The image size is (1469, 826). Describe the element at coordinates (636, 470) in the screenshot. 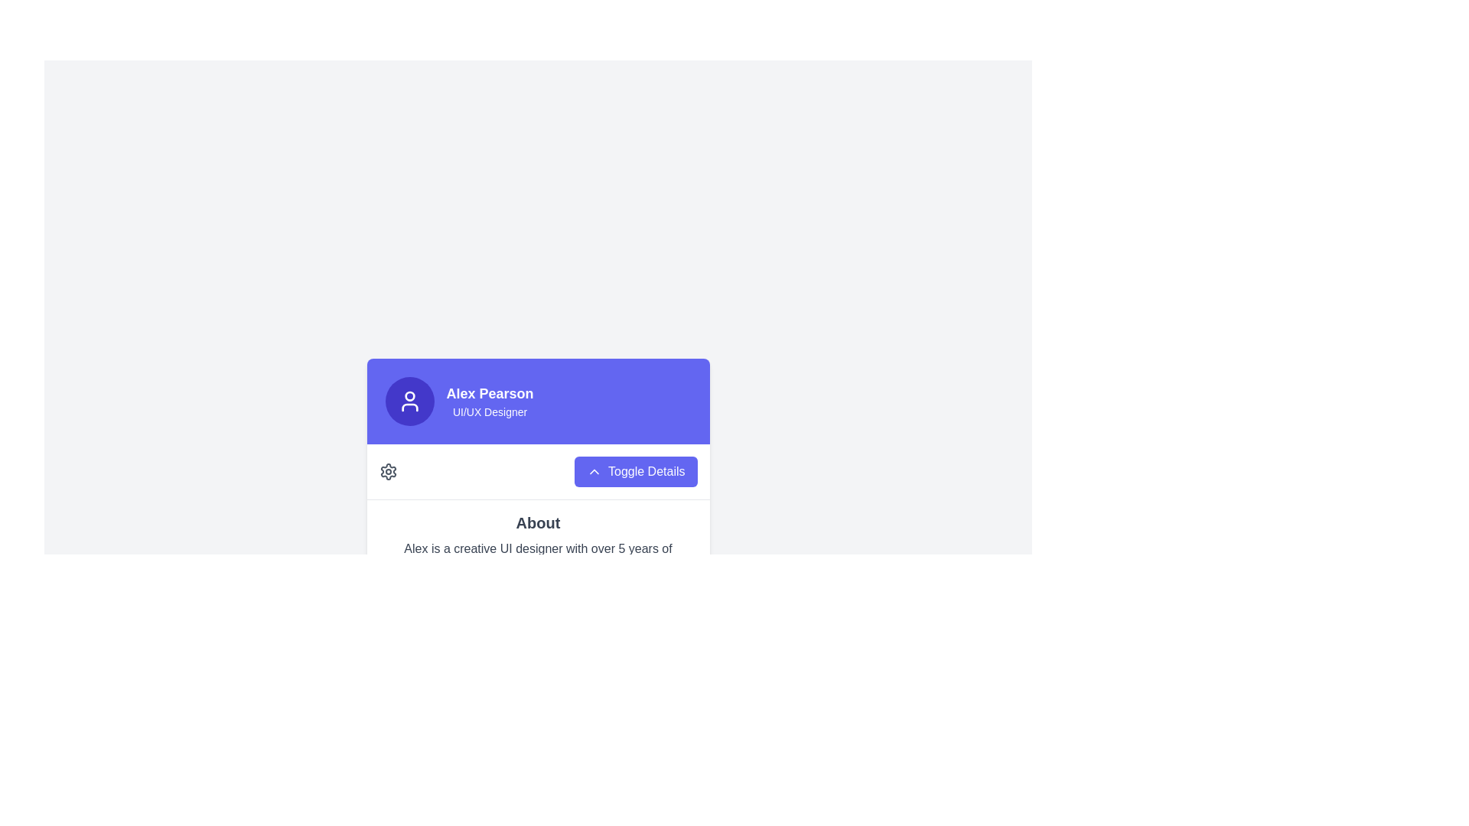

I see `the 'Toggle Details' button` at that location.